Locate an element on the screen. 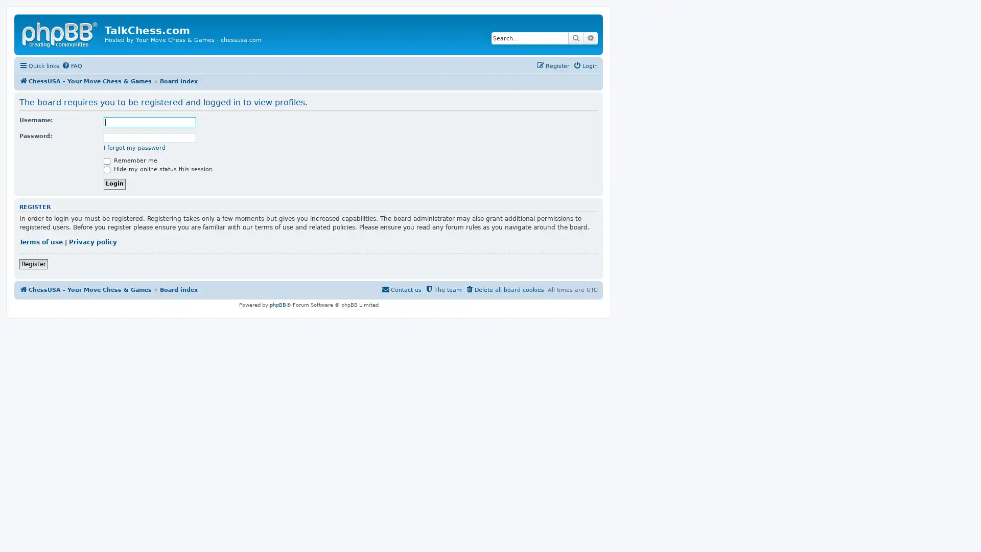 The width and height of the screenshot is (981, 552). Search is located at coordinates (576, 37).